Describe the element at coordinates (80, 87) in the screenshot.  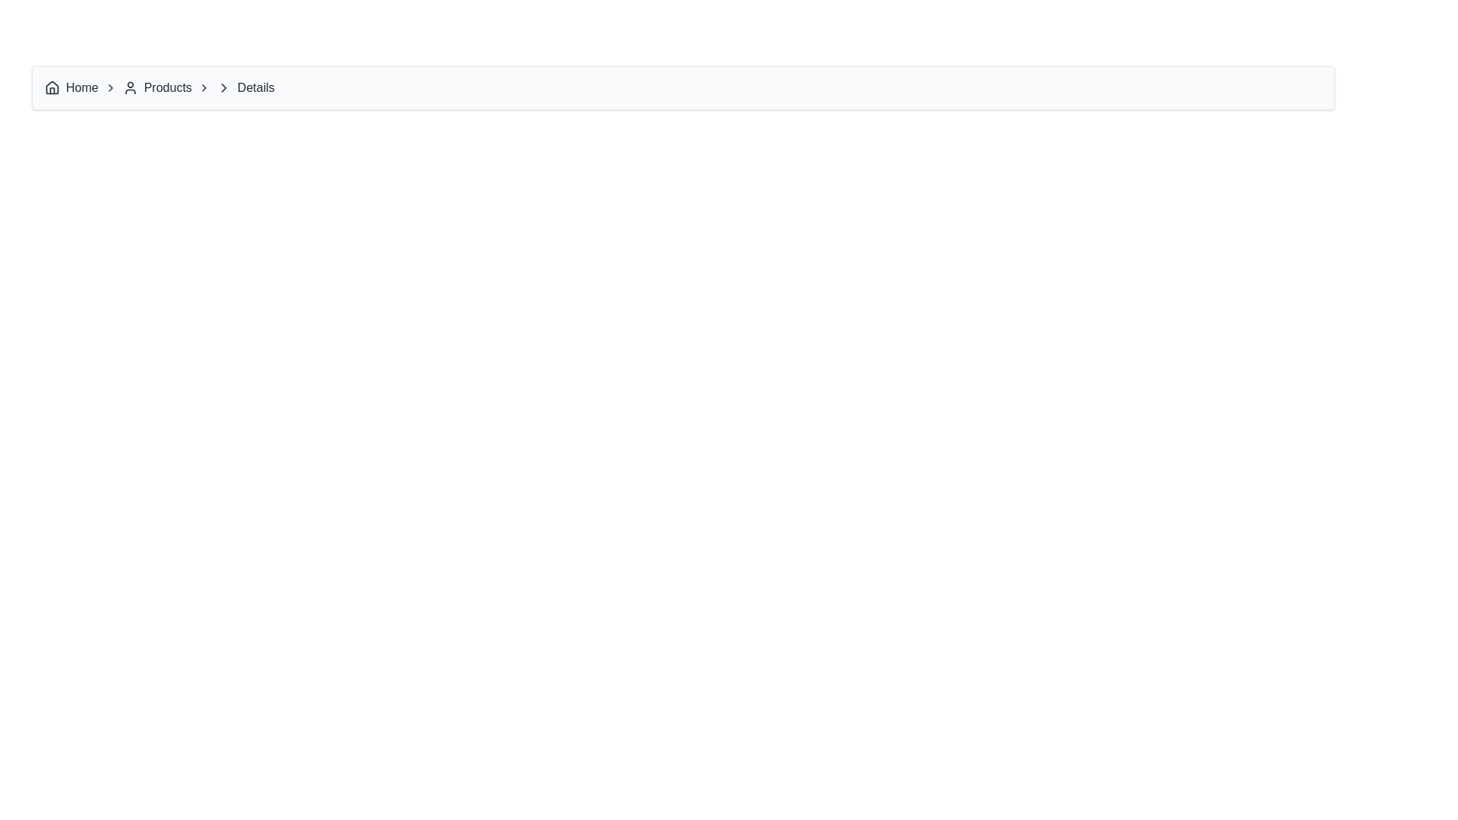
I see `the Breadcrumb navigation link located at the top left of the breadcrumb navigation bar` at that location.